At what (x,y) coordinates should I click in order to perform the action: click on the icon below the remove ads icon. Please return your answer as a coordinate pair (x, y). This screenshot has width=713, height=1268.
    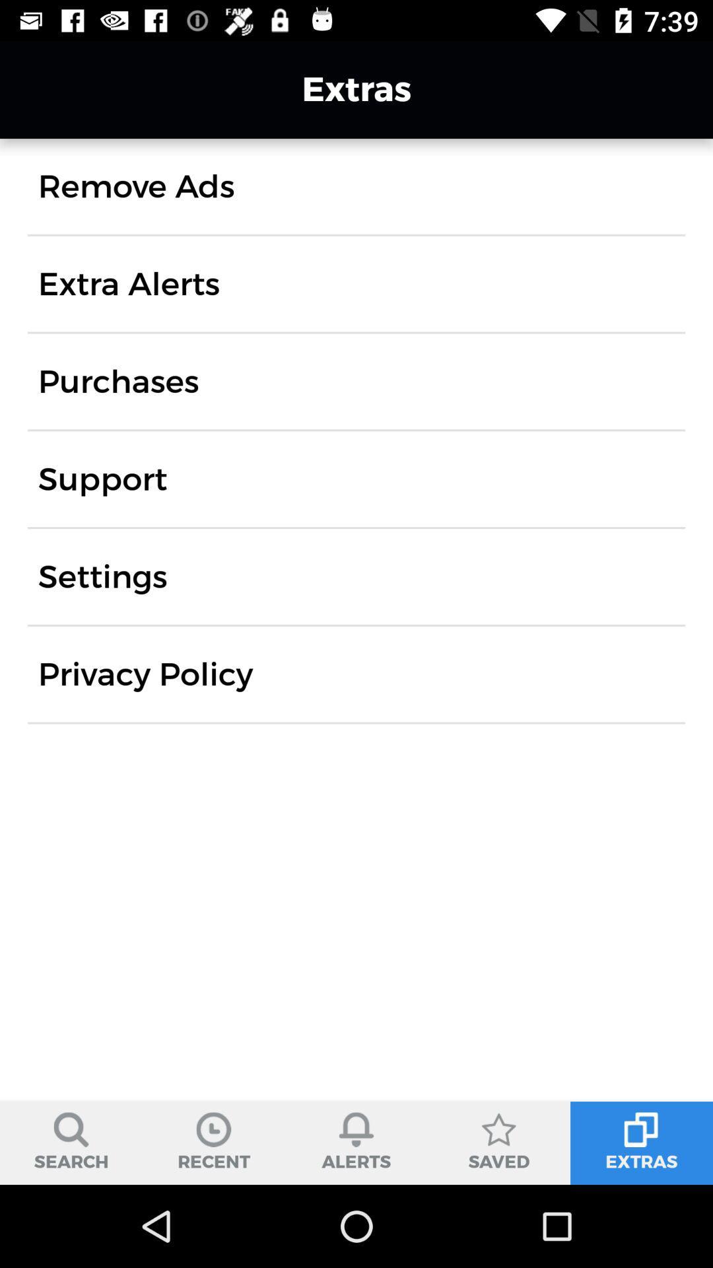
    Looking at the image, I should click on (129, 283).